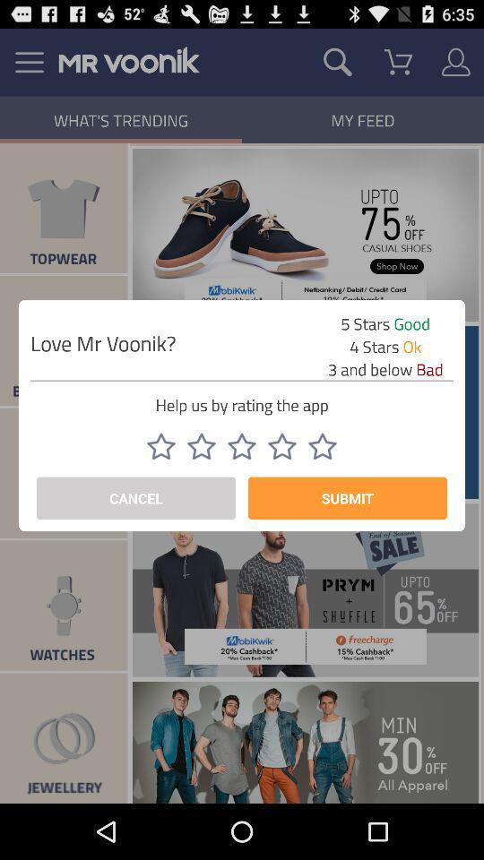  Describe the element at coordinates (242, 445) in the screenshot. I see `item below help us by icon` at that location.